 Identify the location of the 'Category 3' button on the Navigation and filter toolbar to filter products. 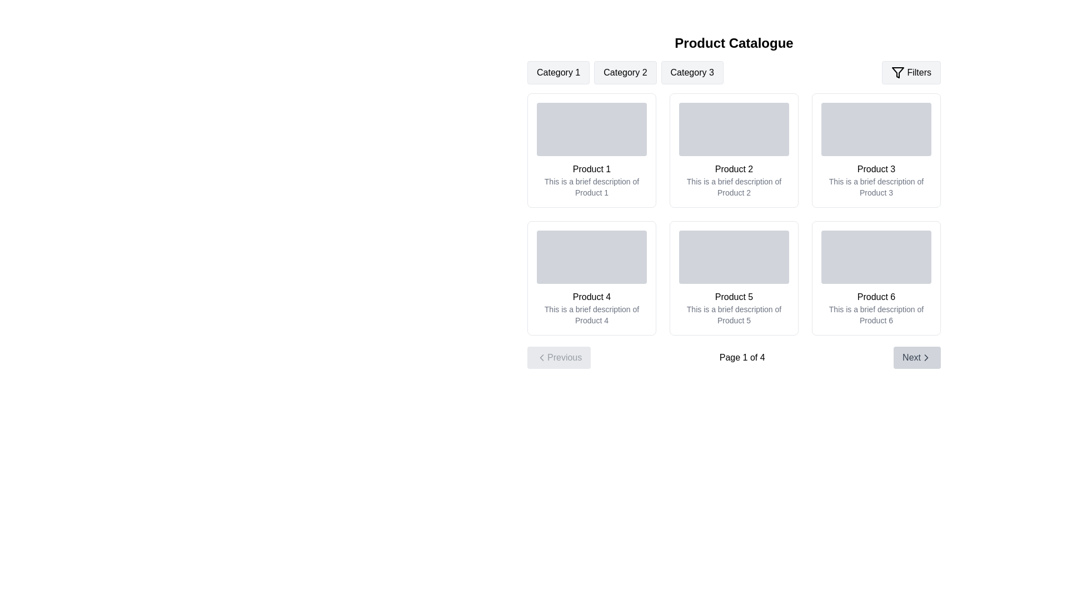
(734, 73).